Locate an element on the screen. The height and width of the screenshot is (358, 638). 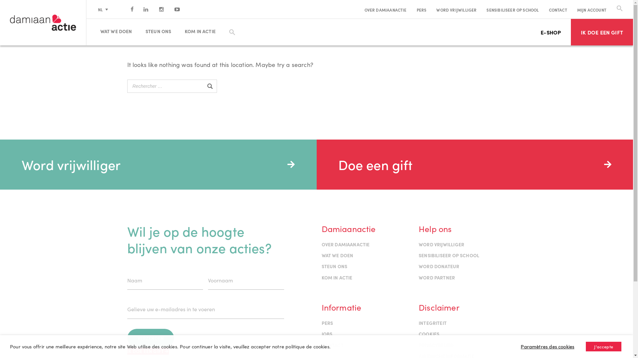
'Verzenden' is located at coordinates (150, 338).